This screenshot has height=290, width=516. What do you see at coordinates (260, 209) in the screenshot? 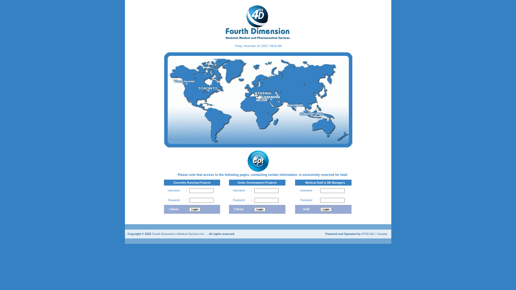
I see `'Login'` at bounding box center [260, 209].